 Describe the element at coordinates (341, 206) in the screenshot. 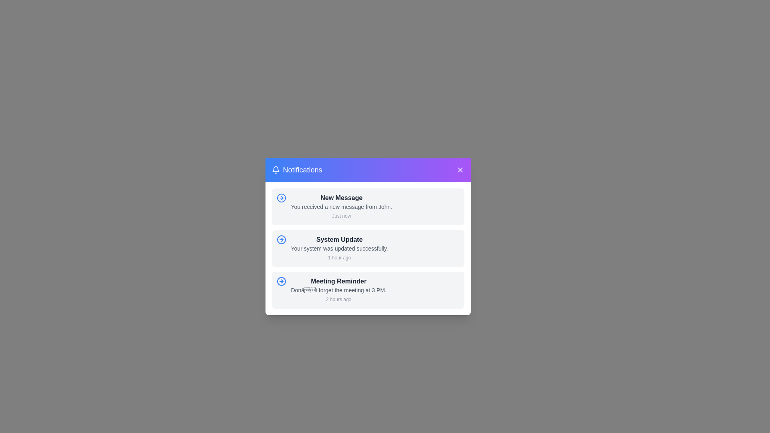

I see `the first notification item in the notification panel` at that location.